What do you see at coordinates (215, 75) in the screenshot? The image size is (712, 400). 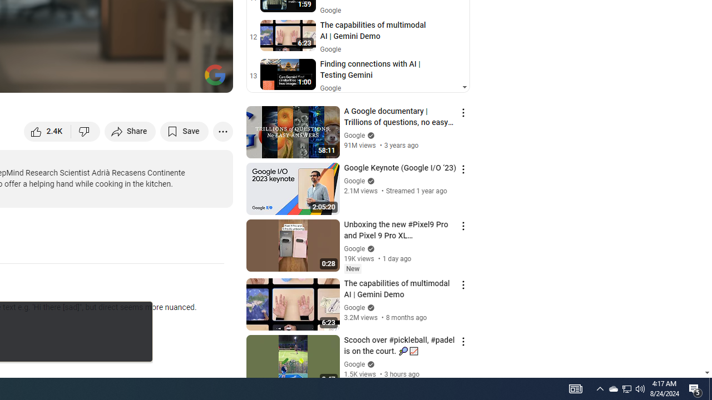 I see `'Channel watermark'` at bounding box center [215, 75].